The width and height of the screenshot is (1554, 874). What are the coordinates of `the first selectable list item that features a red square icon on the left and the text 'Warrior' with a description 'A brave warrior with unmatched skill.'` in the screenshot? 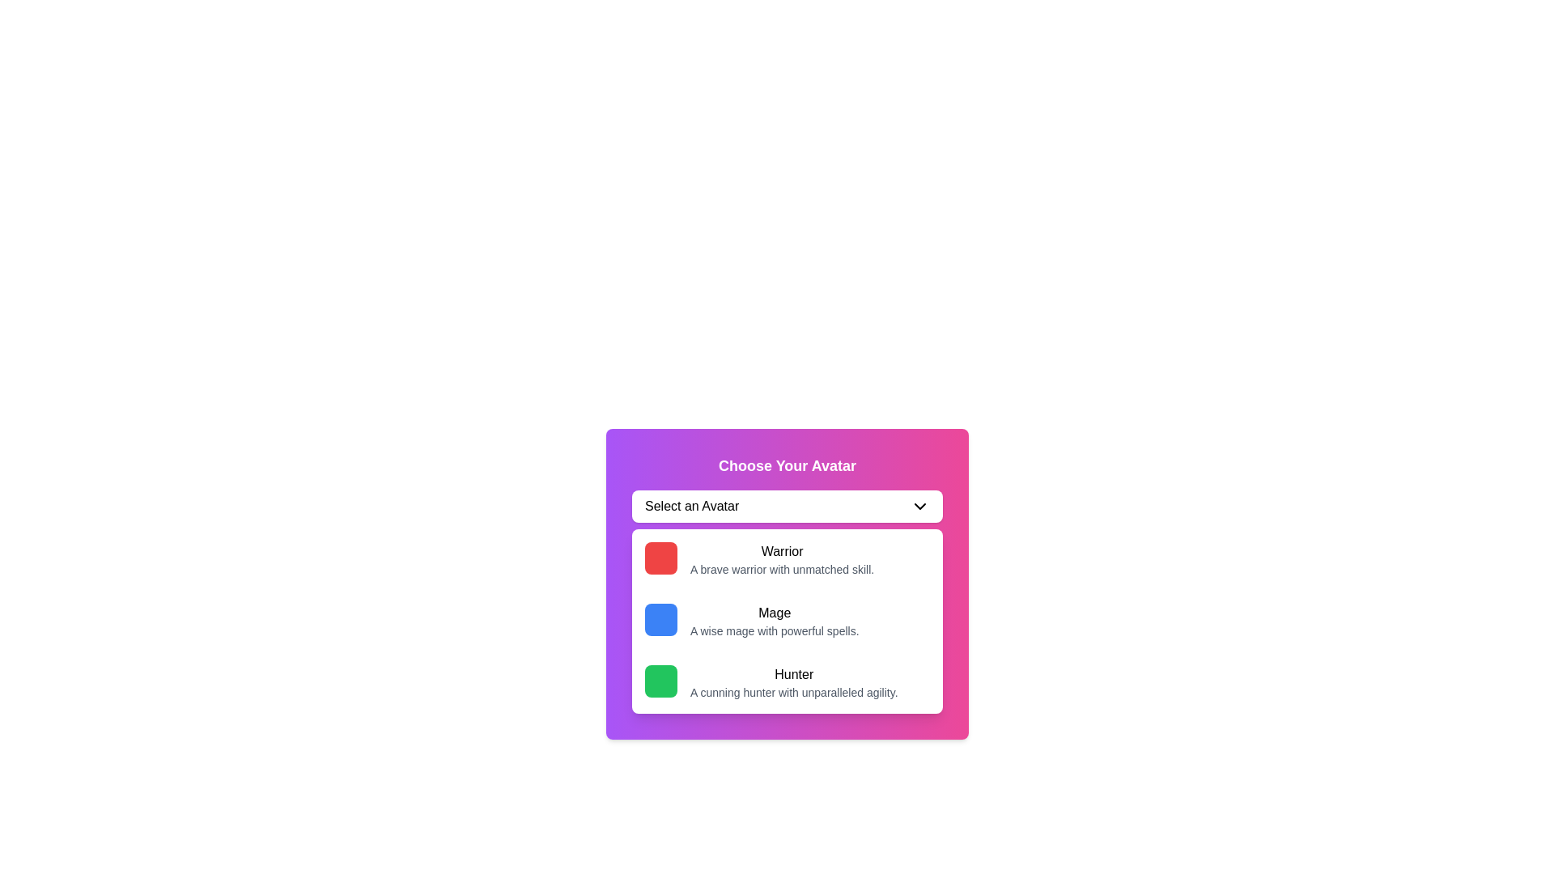 It's located at (788, 558).